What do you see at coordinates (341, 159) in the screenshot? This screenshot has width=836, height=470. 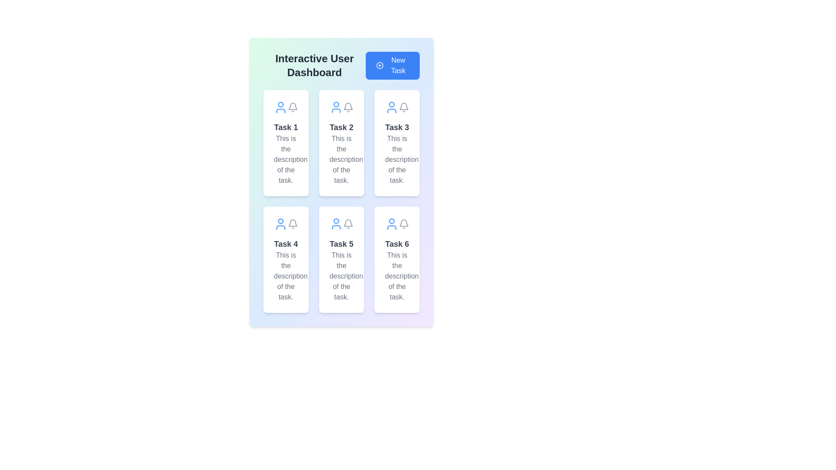 I see `the text block that reads 'This is the description of the task.' within the card labeled 'Task 2.'` at bounding box center [341, 159].